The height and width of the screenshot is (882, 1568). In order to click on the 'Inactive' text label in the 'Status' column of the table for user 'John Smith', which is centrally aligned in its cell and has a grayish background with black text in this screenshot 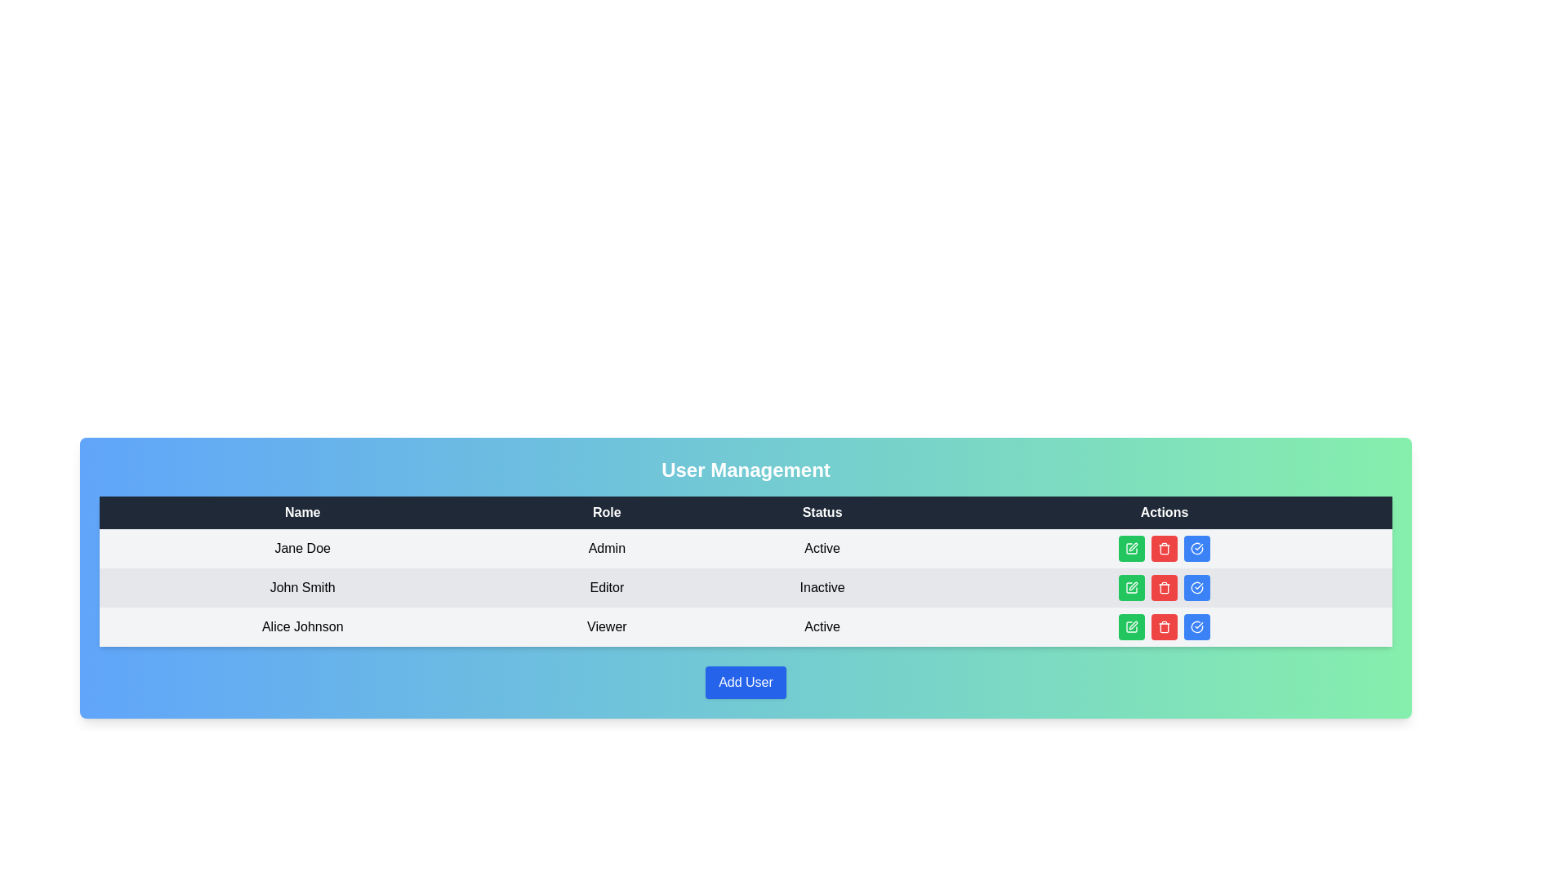, I will do `click(822, 588)`.